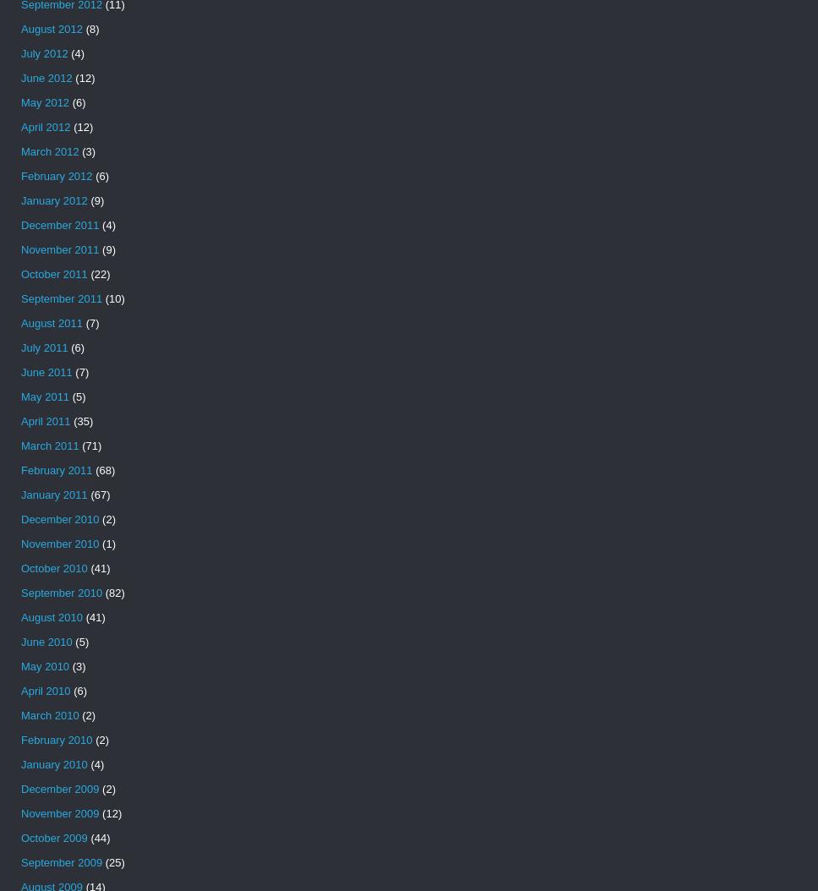  What do you see at coordinates (98, 838) in the screenshot?
I see `'(44)'` at bounding box center [98, 838].